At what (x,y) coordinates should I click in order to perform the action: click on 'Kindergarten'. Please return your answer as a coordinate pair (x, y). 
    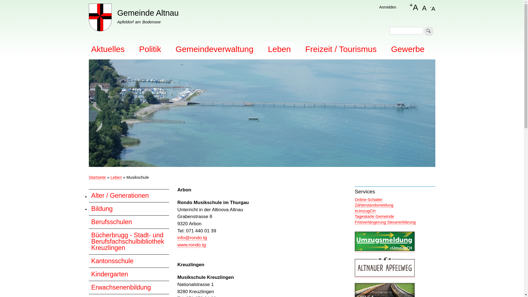
    Looking at the image, I should click on (128, 274).